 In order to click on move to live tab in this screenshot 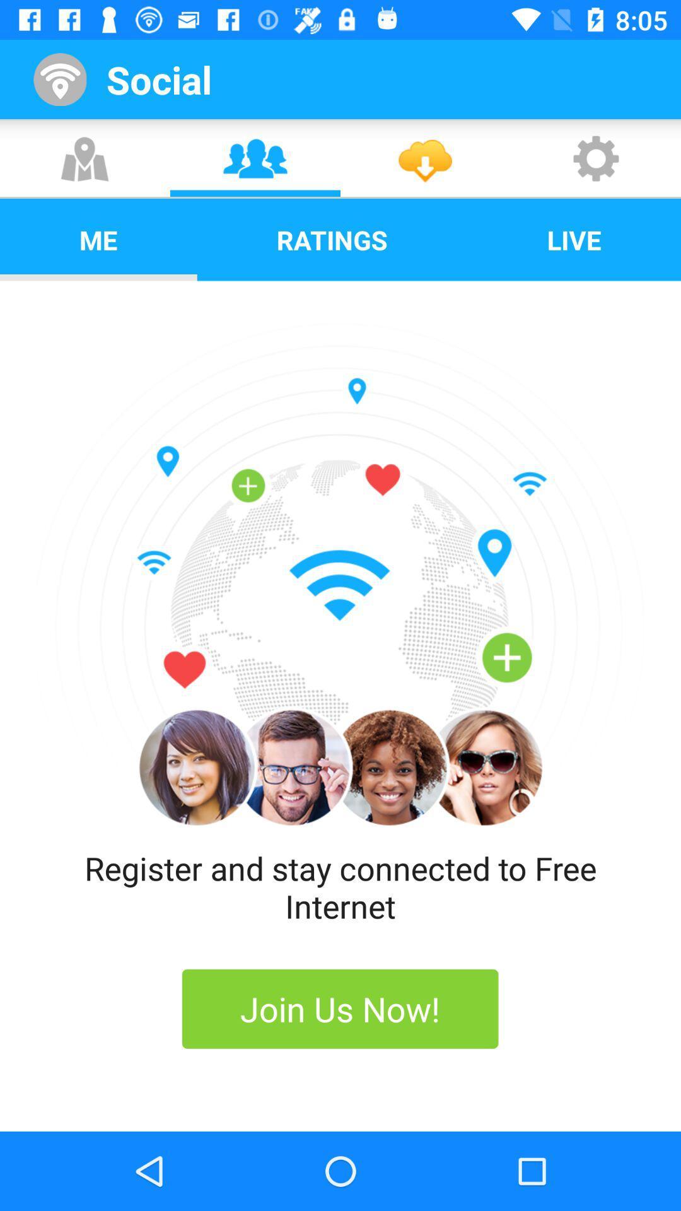, I will do `click(574, 240)`.